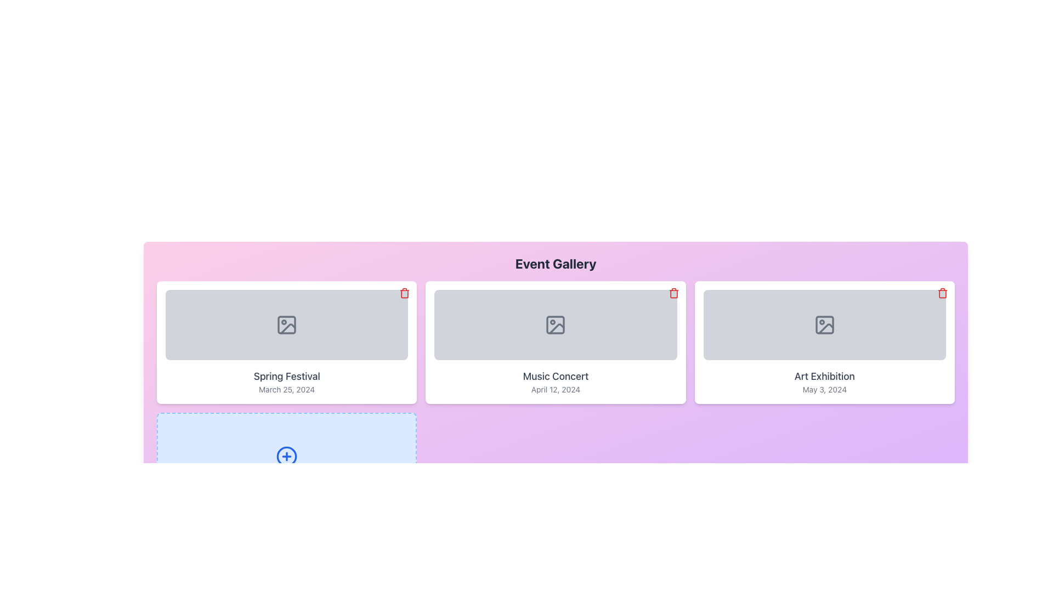 The width and height of the screenshot is (1053, 592). I want to click on the static Event Card titled 'Spring Festival', which is the leftmost card in a grid of three event cards, so click(287, 341).